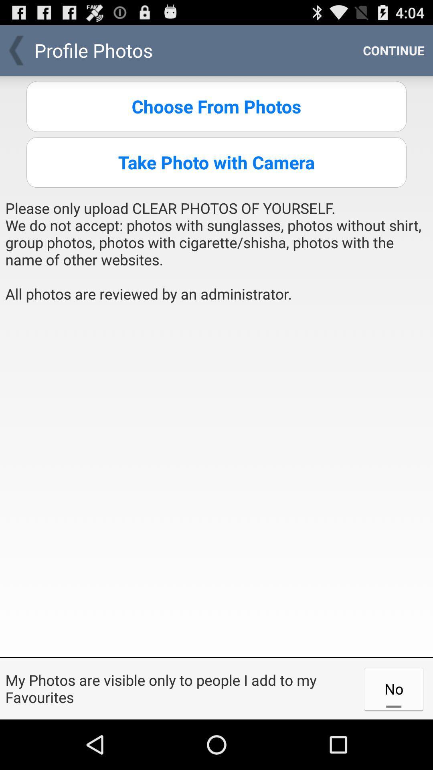 This screenshot has width=433, height=770. Describe the element at coordinates (216, 162) in the screenshot. I see `the item above please only upload item` at that location.